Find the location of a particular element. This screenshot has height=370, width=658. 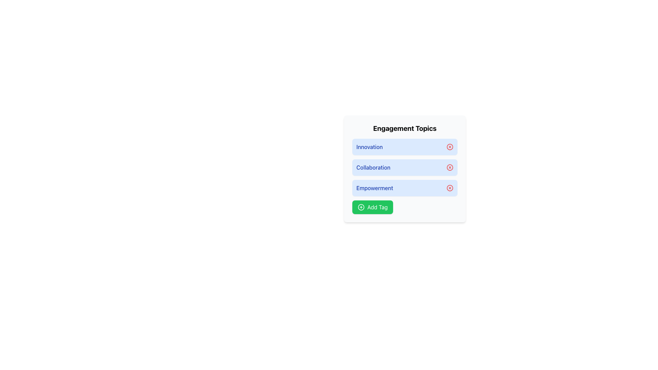

the first circular icon associated with the 'Innovation' tag in the Engagement Topics list for potential additional information or visual feedback is located at coordinates (450, 146).